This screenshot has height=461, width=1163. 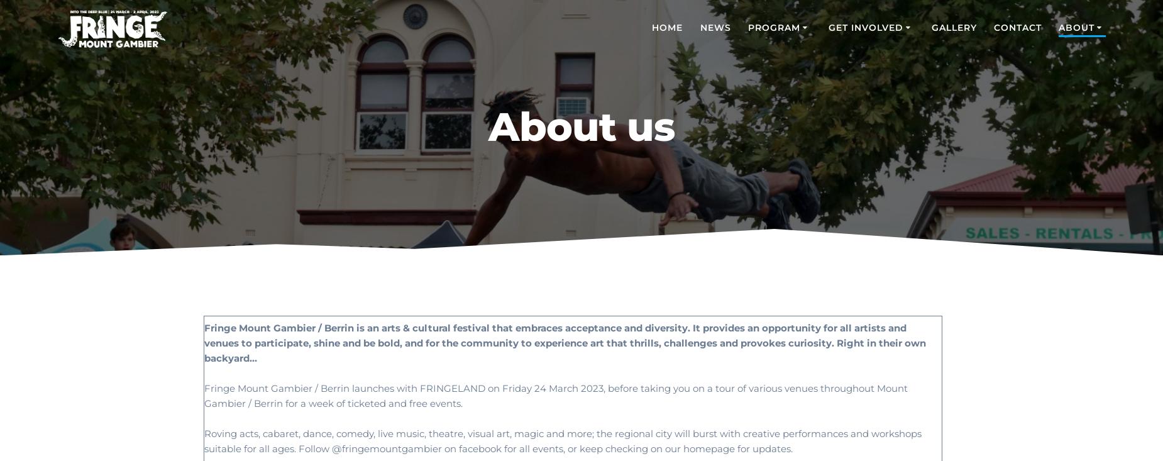 I want to click on 'HOME', so click(x=666, y=26).